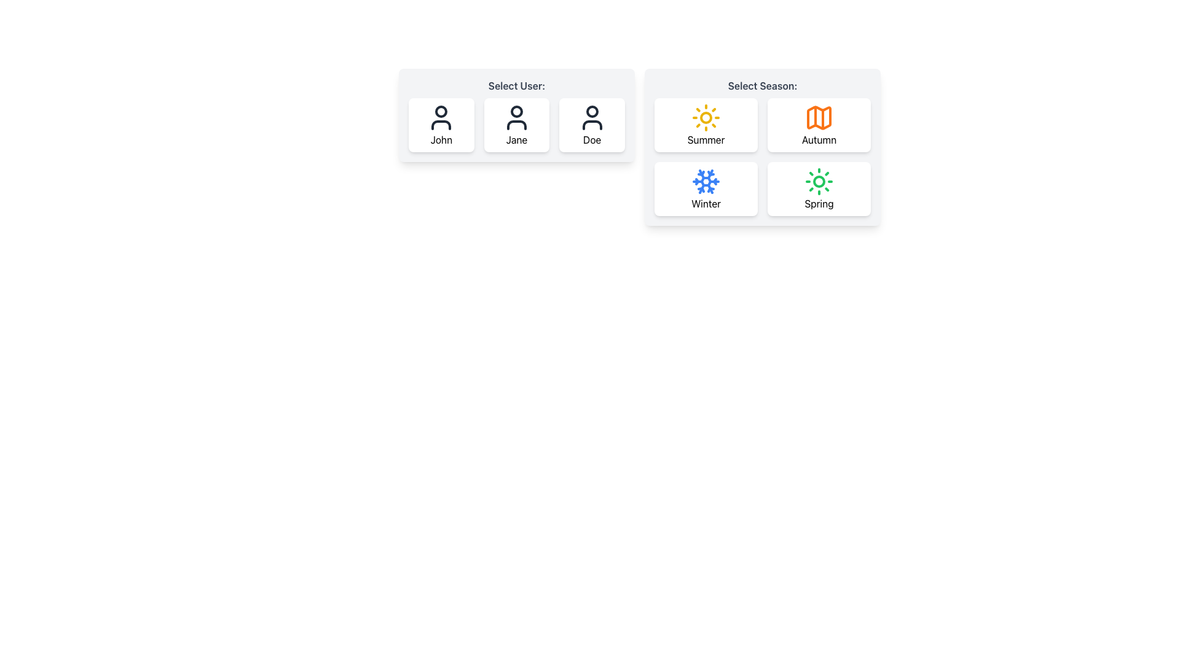  I want to click on the circular SVG element that serves as a visual marker within the 'Doe' user icon, located in the upper portion of the user selection row, so click(592, 111).